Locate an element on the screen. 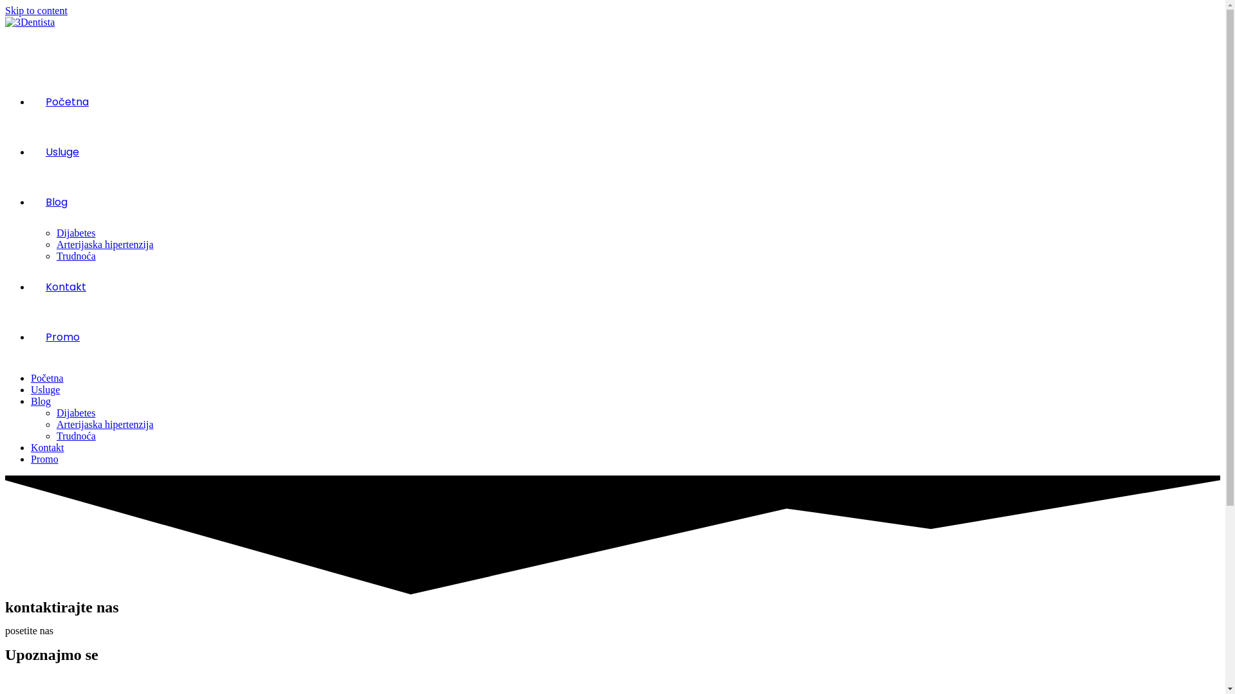  'Promo' is located at coordinates (44, 458).